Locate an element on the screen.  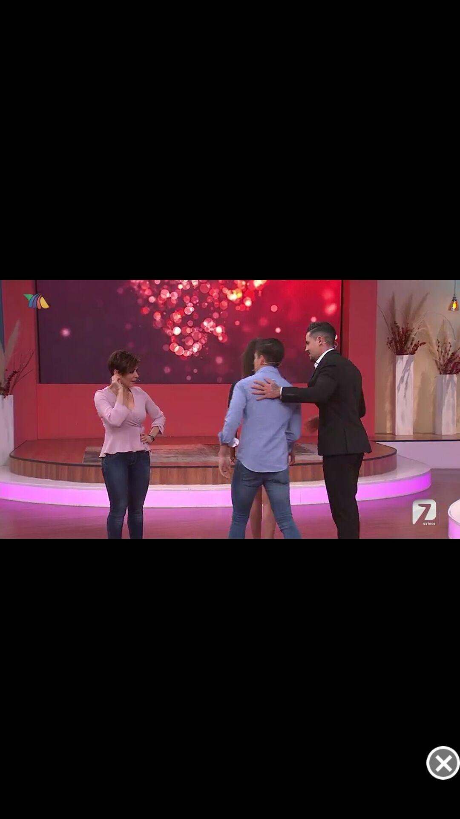
click x is located at coordinates (443, 763).